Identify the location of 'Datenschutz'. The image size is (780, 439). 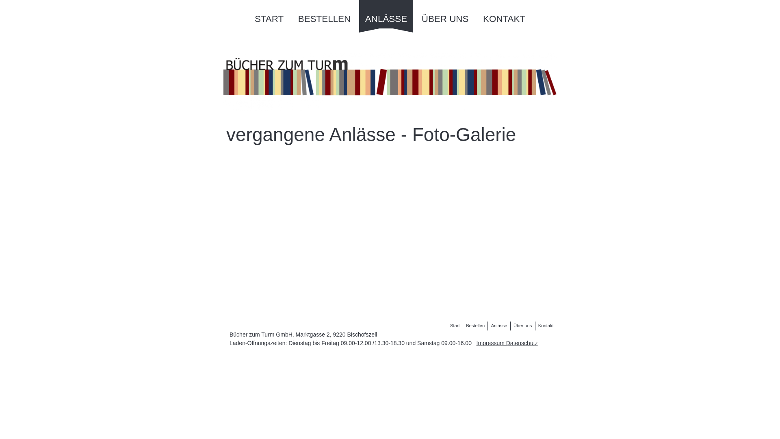
(522, 343).